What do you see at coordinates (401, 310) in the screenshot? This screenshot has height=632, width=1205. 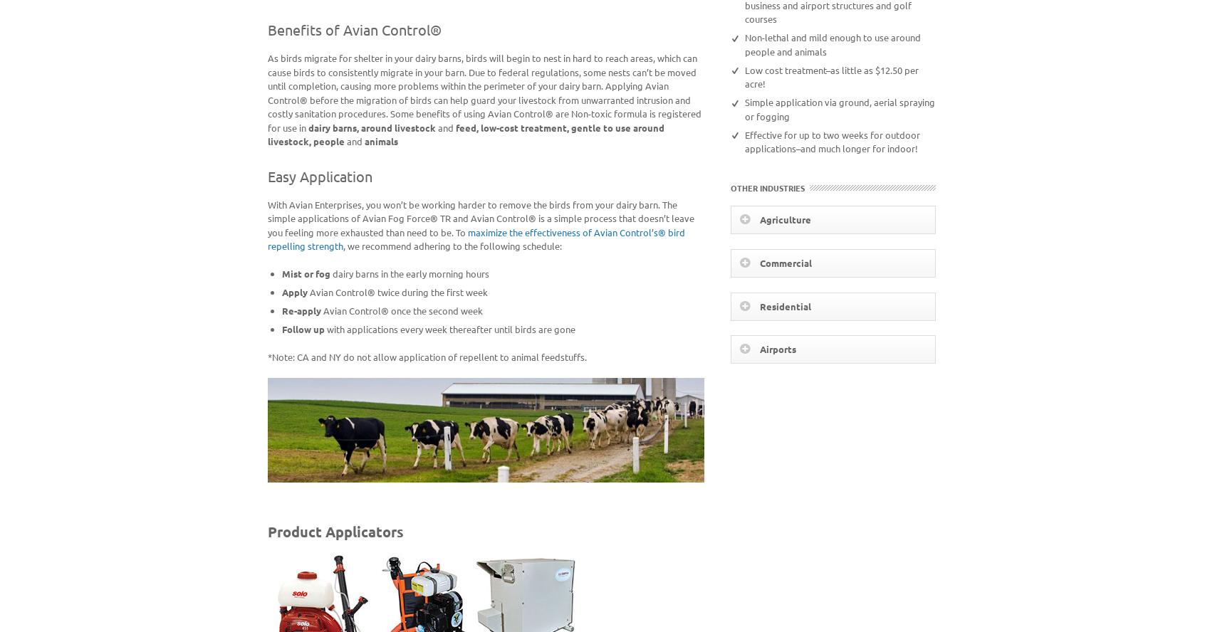 I see `'Avian Control® once the second week'` at bounding box center [401, 310].